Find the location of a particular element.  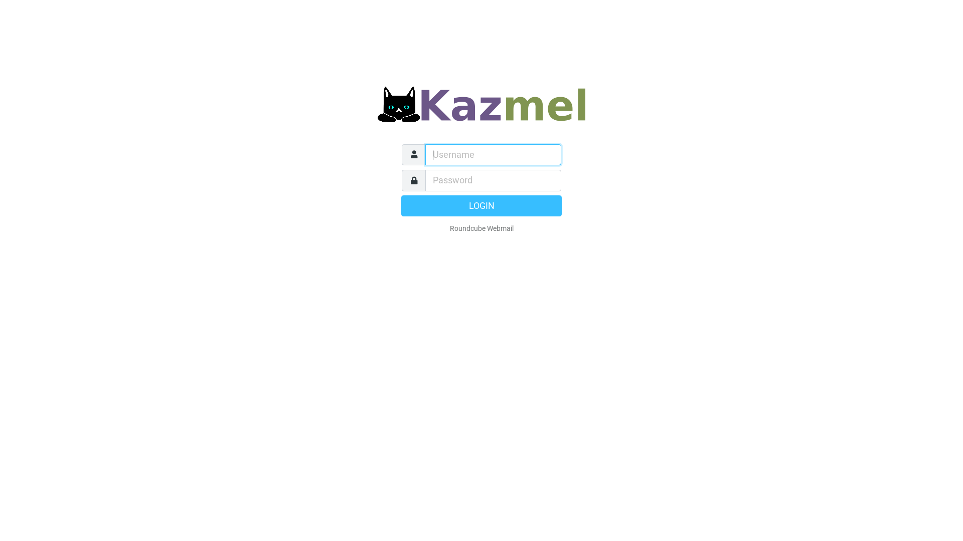

'LOGIN' is located at coordinates (481, 205).